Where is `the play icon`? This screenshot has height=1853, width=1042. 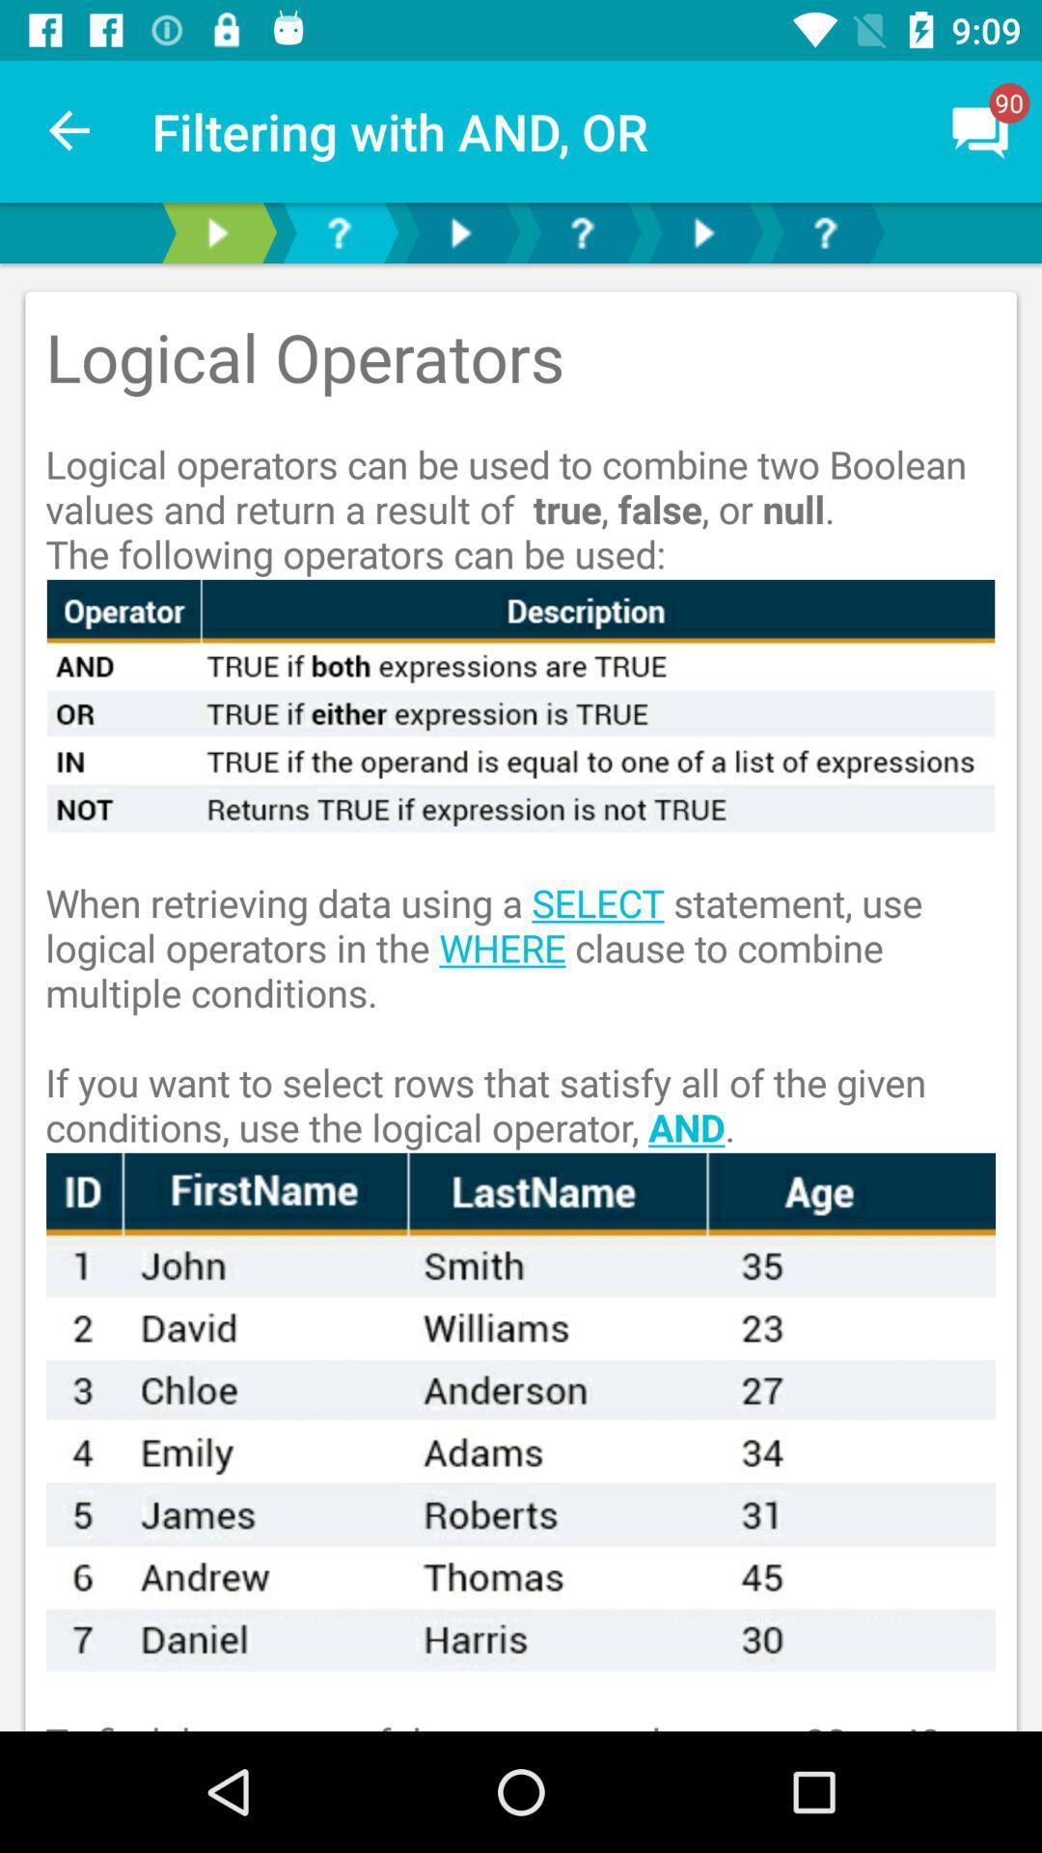
the play icon is located at coordinates (216, 232).